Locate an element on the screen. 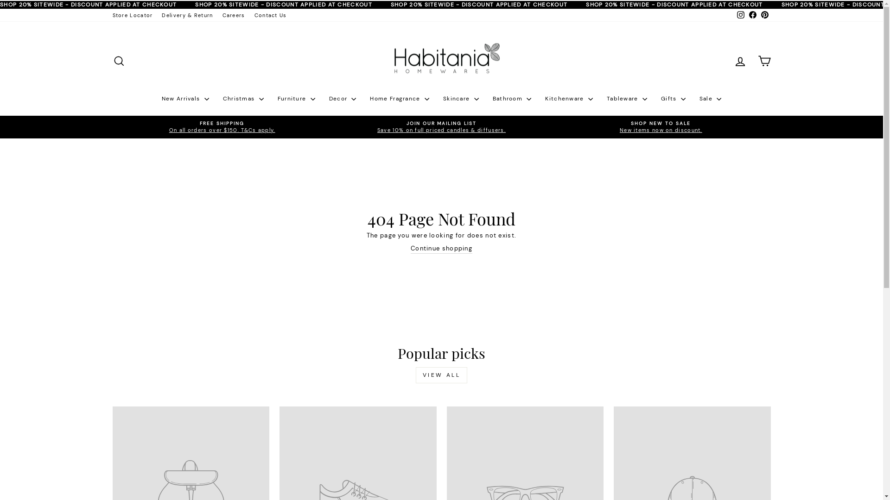 The image size is (890, 500). 'VIEW ALL' is located at coordinates (441, 375).